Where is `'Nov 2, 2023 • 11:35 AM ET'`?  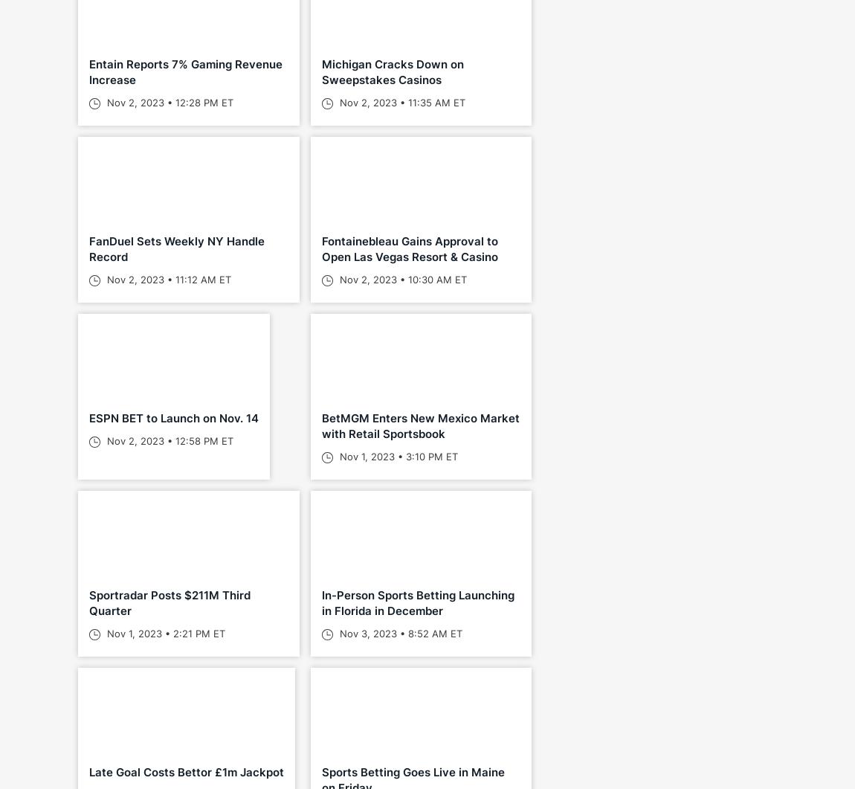 'Nov 2, 2023 • 11:35 AM ET' is located at coordinates (400, 103).